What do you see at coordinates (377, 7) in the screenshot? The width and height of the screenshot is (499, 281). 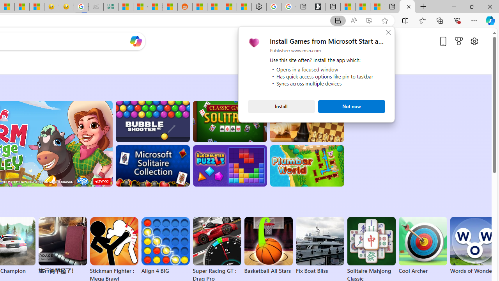 I see `'These 3 Stocks Pay You More Than 5% to Own Them'` at bounding box center [377, 7].